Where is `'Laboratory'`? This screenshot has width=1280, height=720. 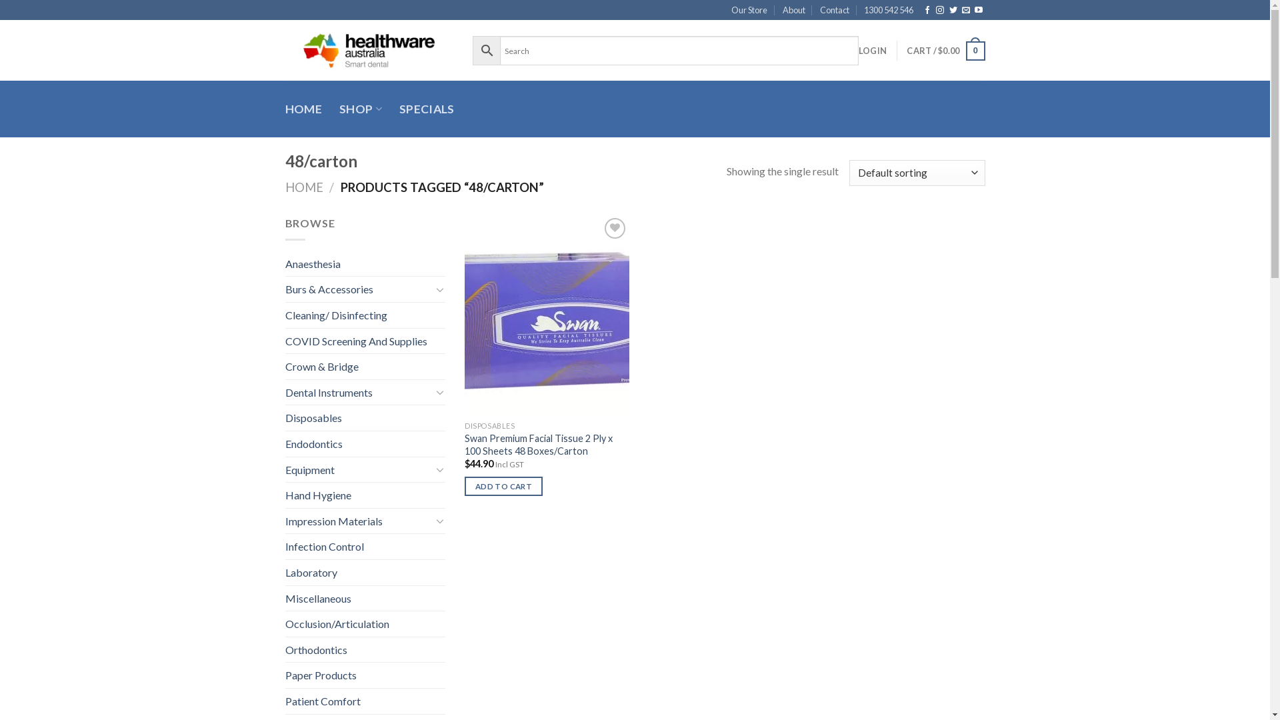
'Laboratory' is located at coordinates (365, 572).